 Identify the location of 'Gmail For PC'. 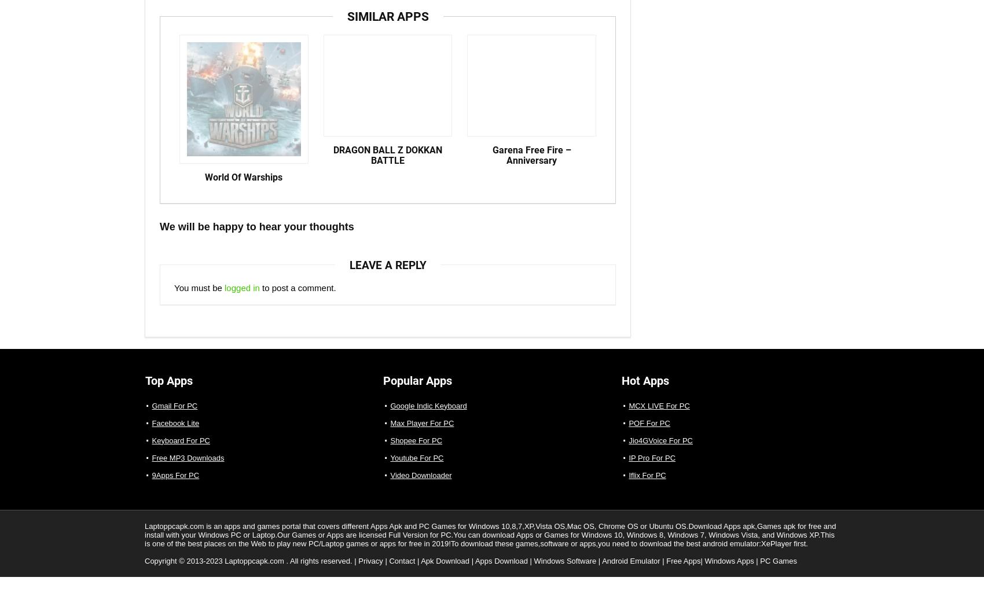
(174, 415).